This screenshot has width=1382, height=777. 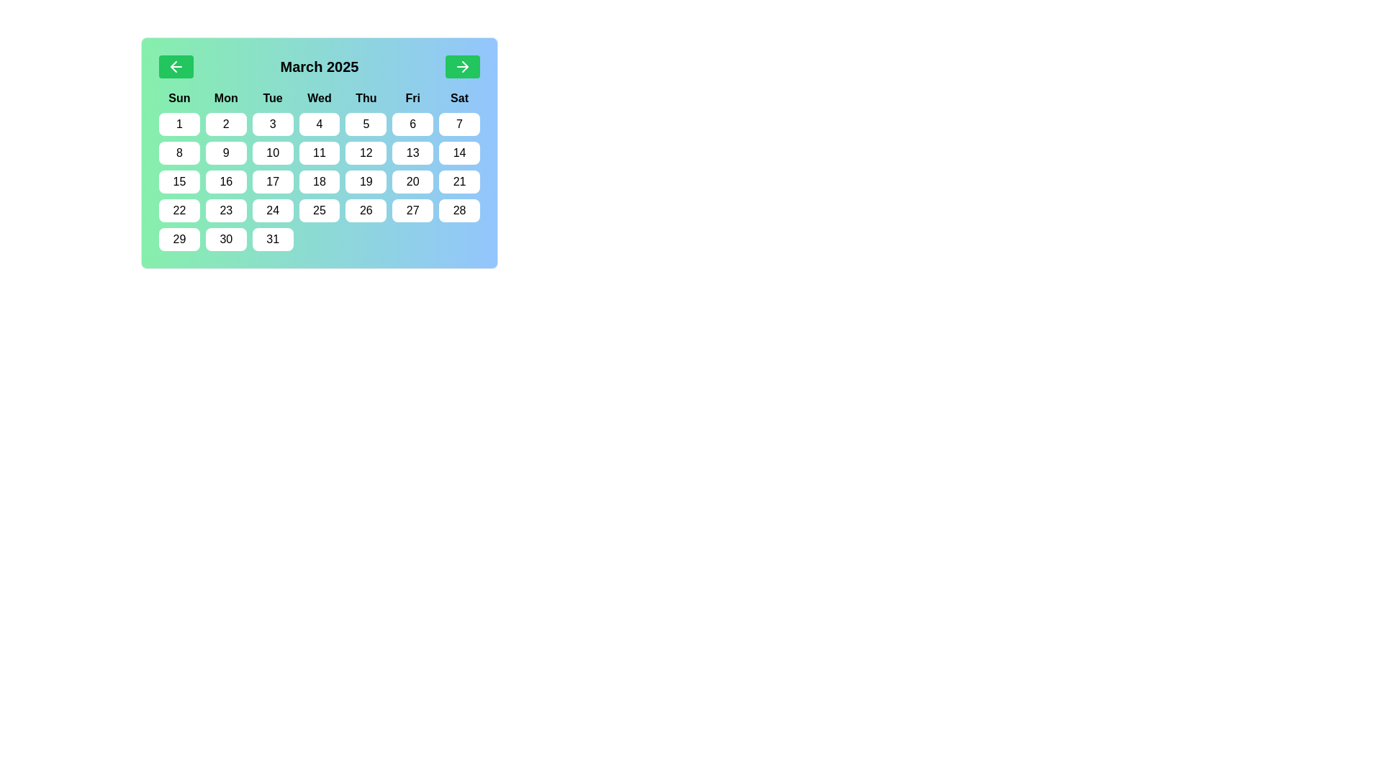 What do you see at coordinates (225, 181) in the screenshot?
I see `the button representing the date '16' in the March 2025 calendar` at bounding box center [225, 181].